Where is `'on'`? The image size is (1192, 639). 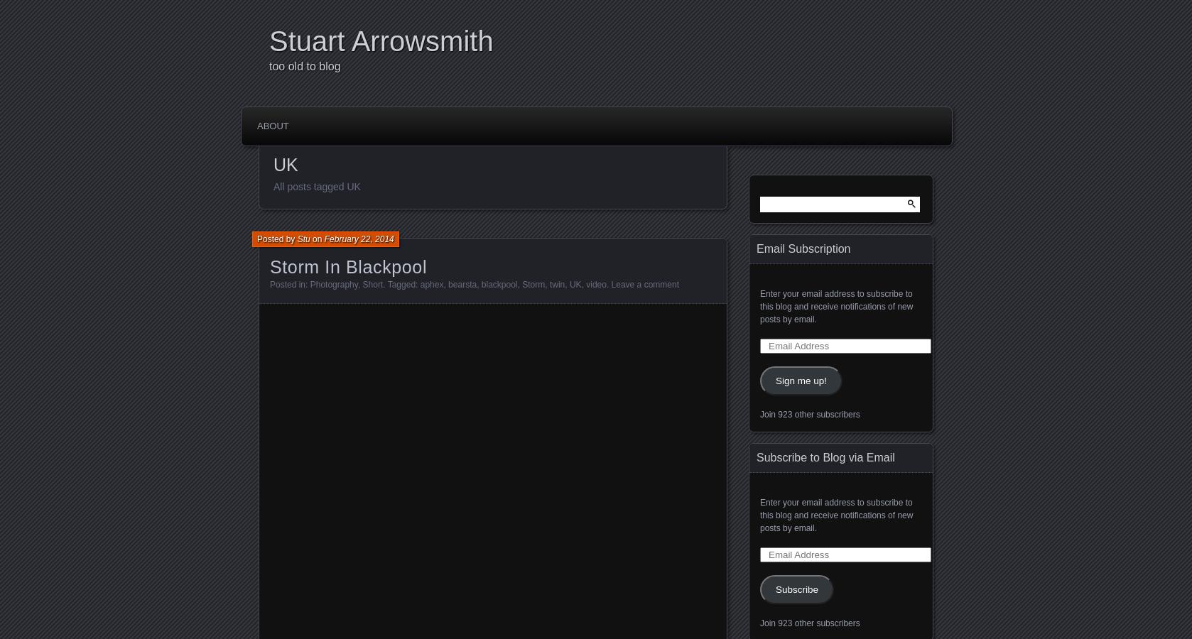 'on' is located at coordinates (316, 238).